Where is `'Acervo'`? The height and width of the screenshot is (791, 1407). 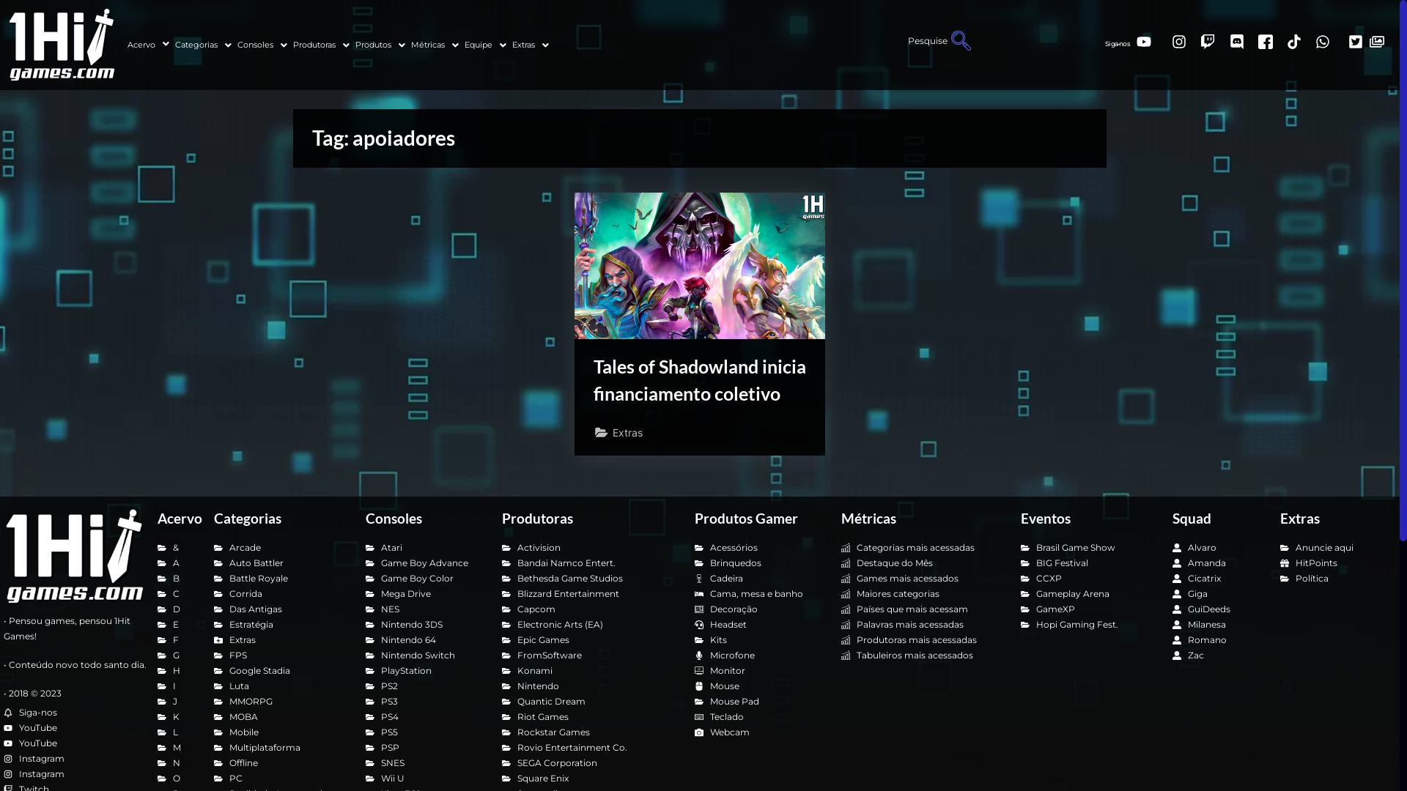
'Acervo' is located at coordinates (179, 517).